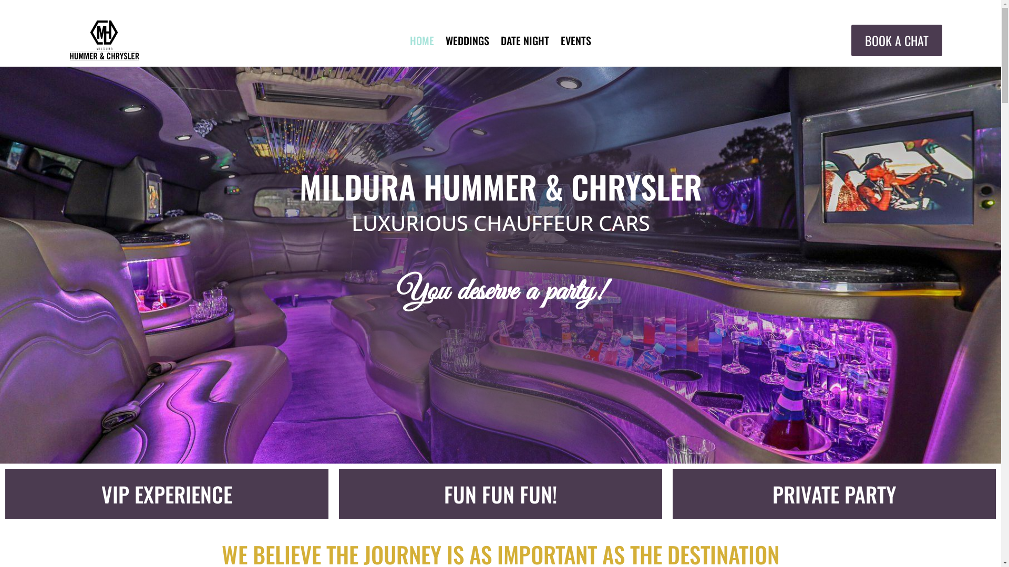 The image size is (1009, 567). What do you see at coordinates (896, 39) in the screenshot?
I see `'BOOK A CHAT'` at bounding box center [896, 39].